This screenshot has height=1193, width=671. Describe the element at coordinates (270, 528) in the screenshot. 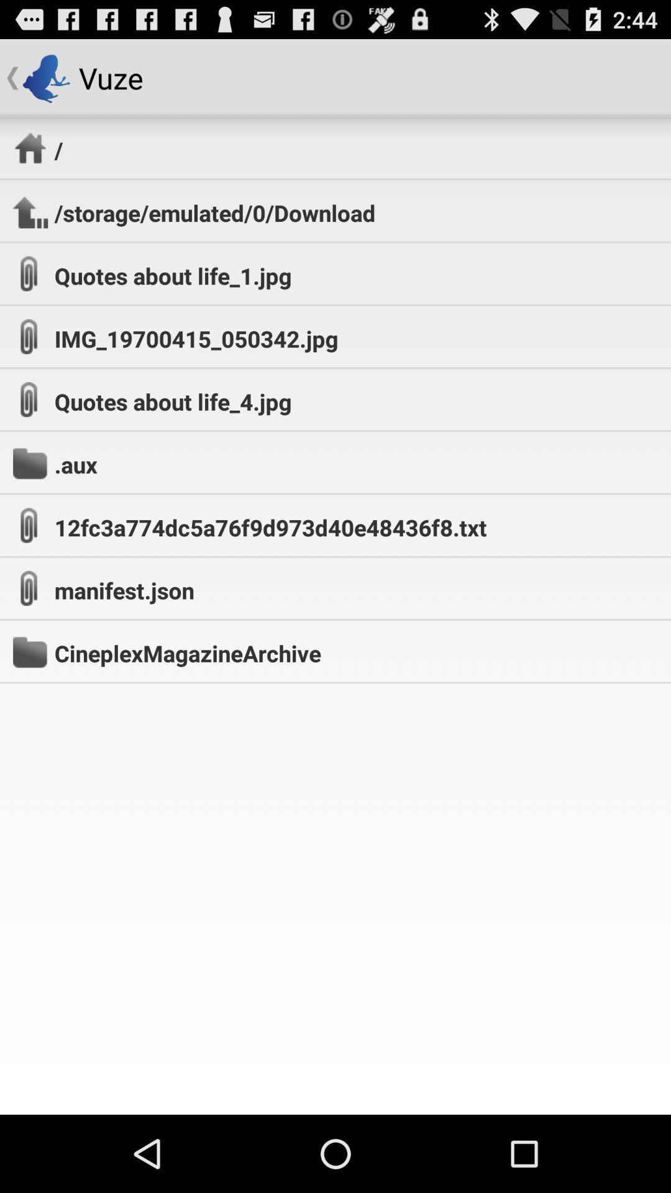

I see `the 12fc3a774dc5a76f9d973d40e48436f8.txt icon` at that location.